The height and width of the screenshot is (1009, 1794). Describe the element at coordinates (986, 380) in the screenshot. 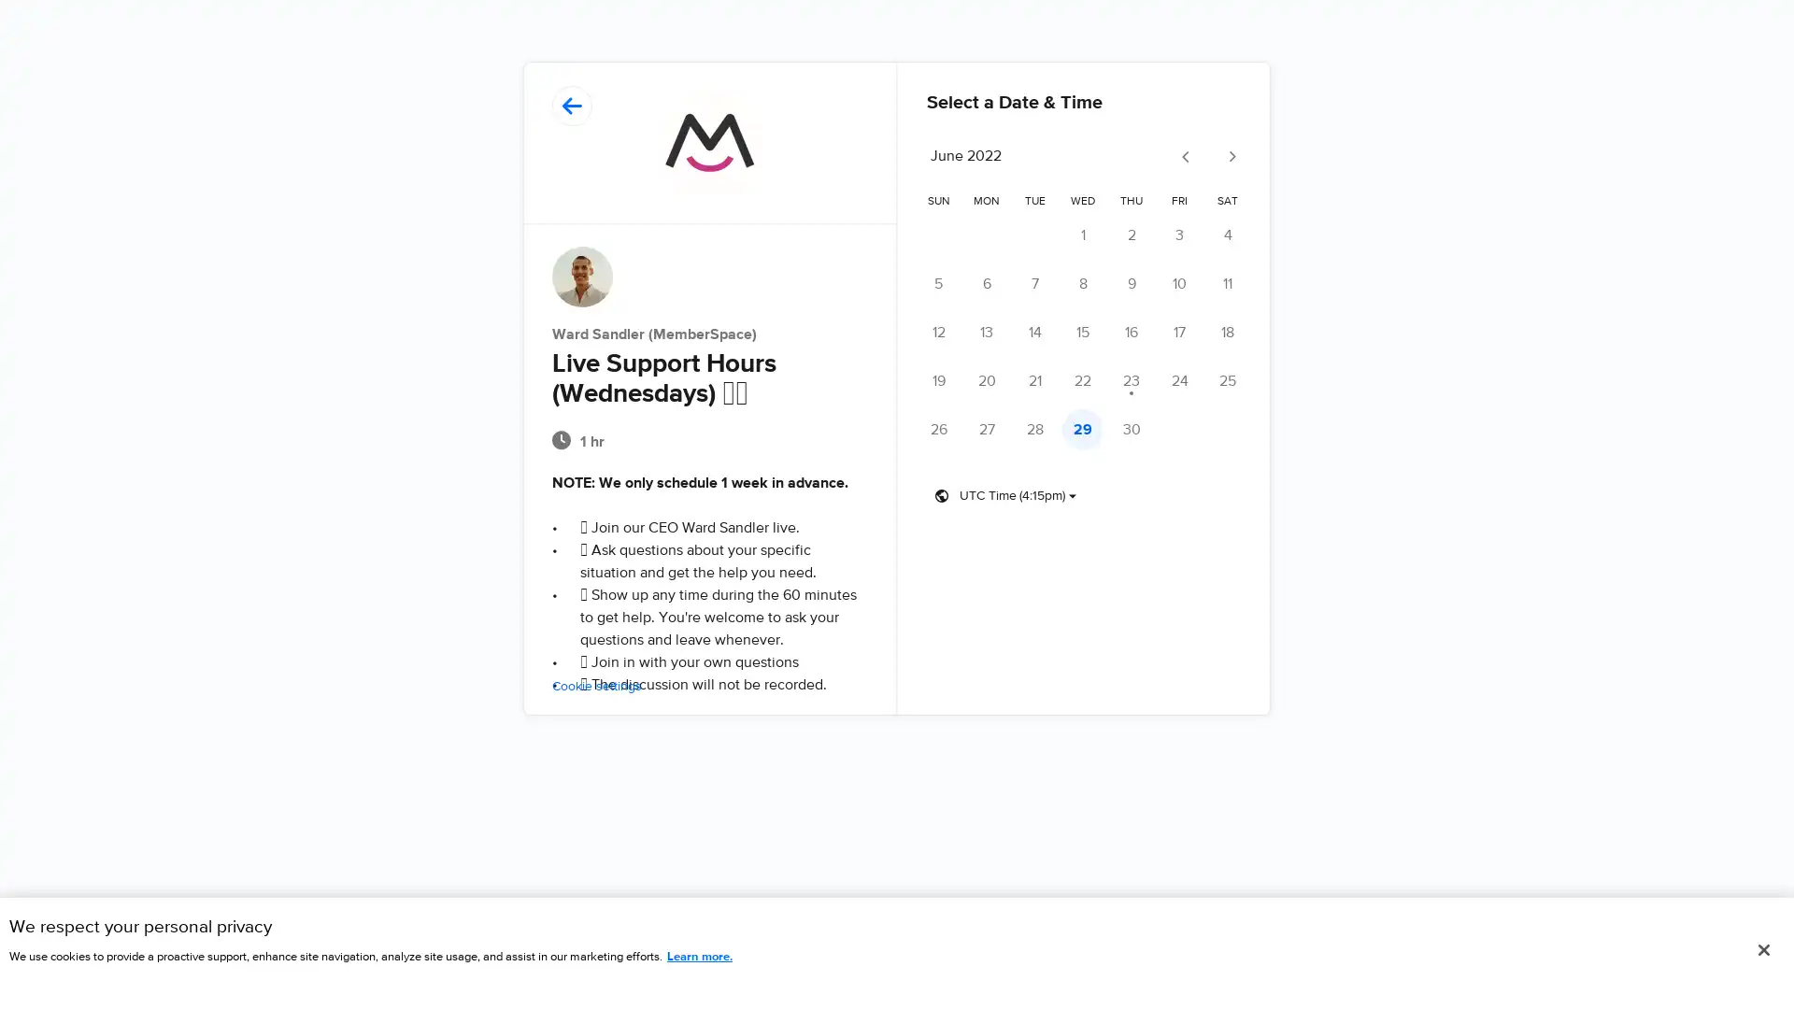

I see `Monday, June 20 - No times available` at that location.